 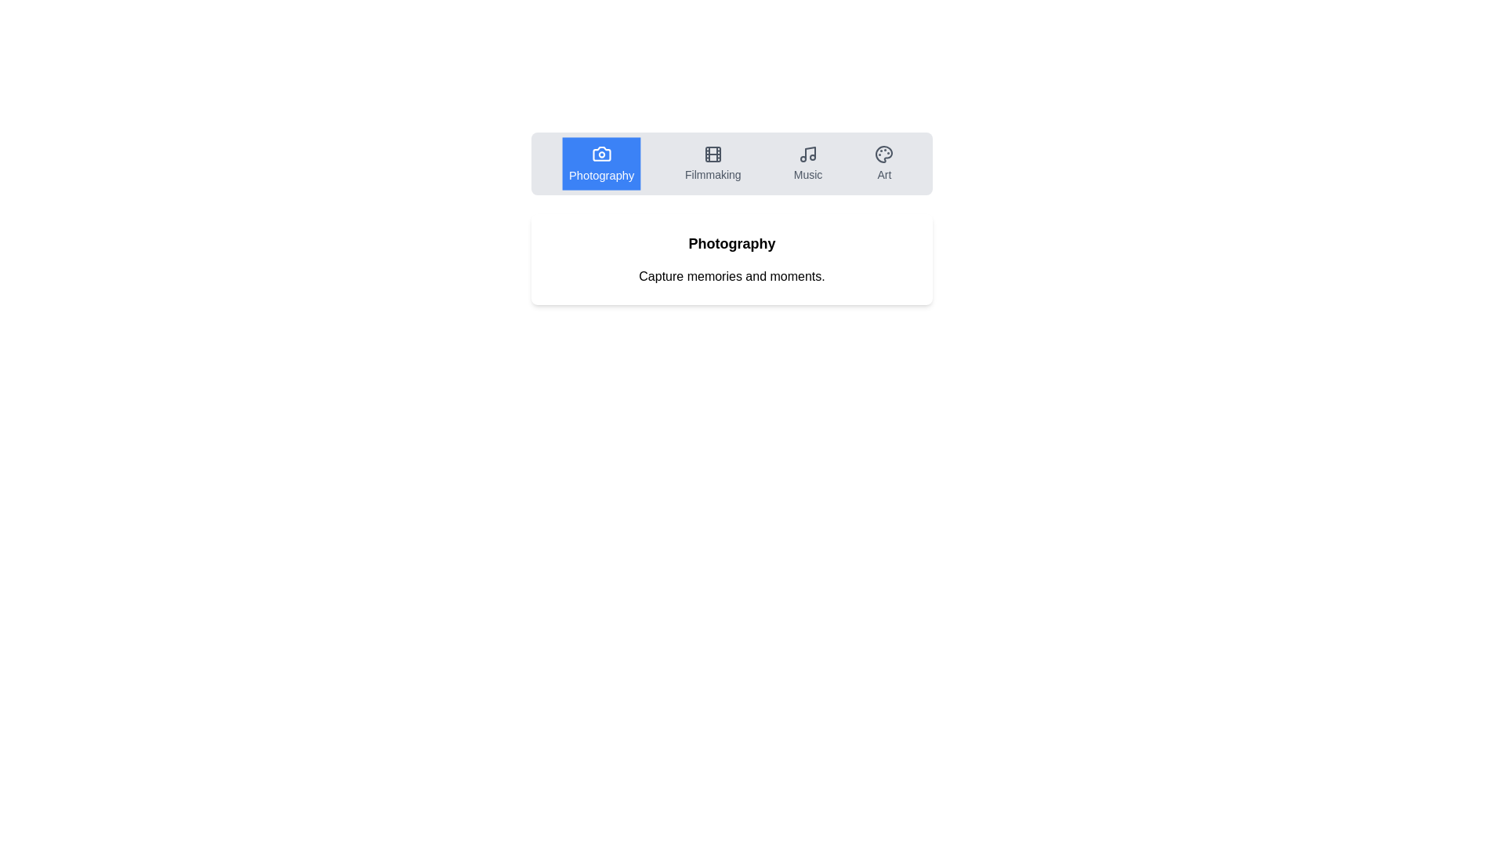 What do you see at coordinates (712, 163) in the screenshot?
I see `the Filmmaking tab by clicking on it` at bounding box center [712, 163].